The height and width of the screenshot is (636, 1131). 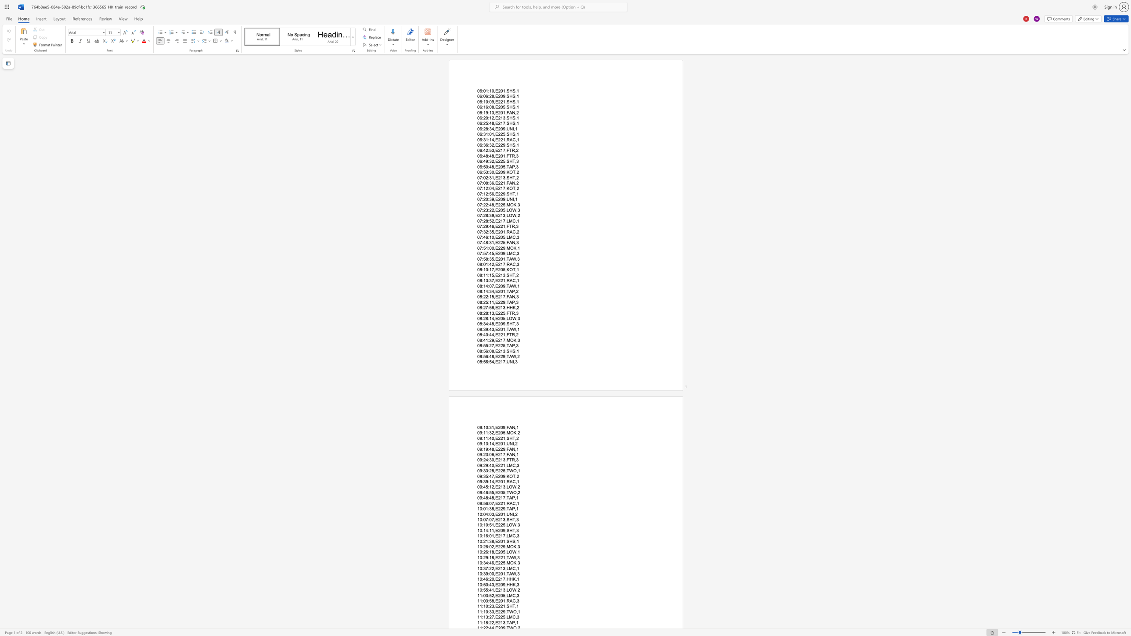 What do you see at coordinates (495, 220) in the screenshot?
I see `the space between the continuous character "," and "E" in the text` at bounding box center [495, 220].